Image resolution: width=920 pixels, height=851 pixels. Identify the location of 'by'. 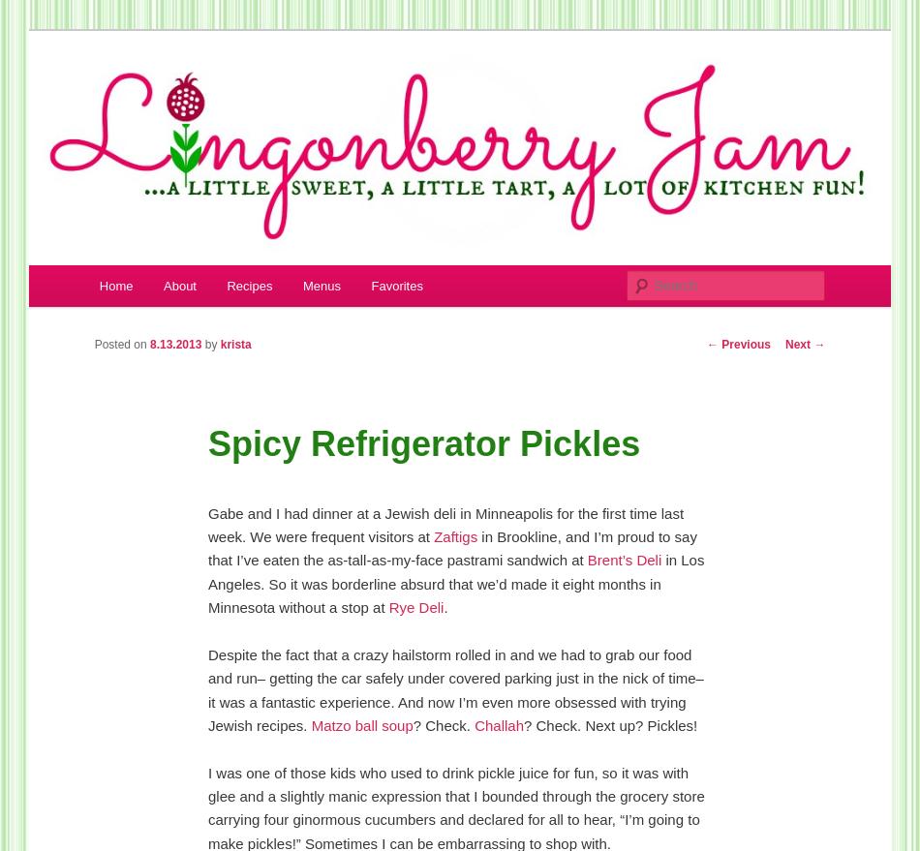
(211, 343).